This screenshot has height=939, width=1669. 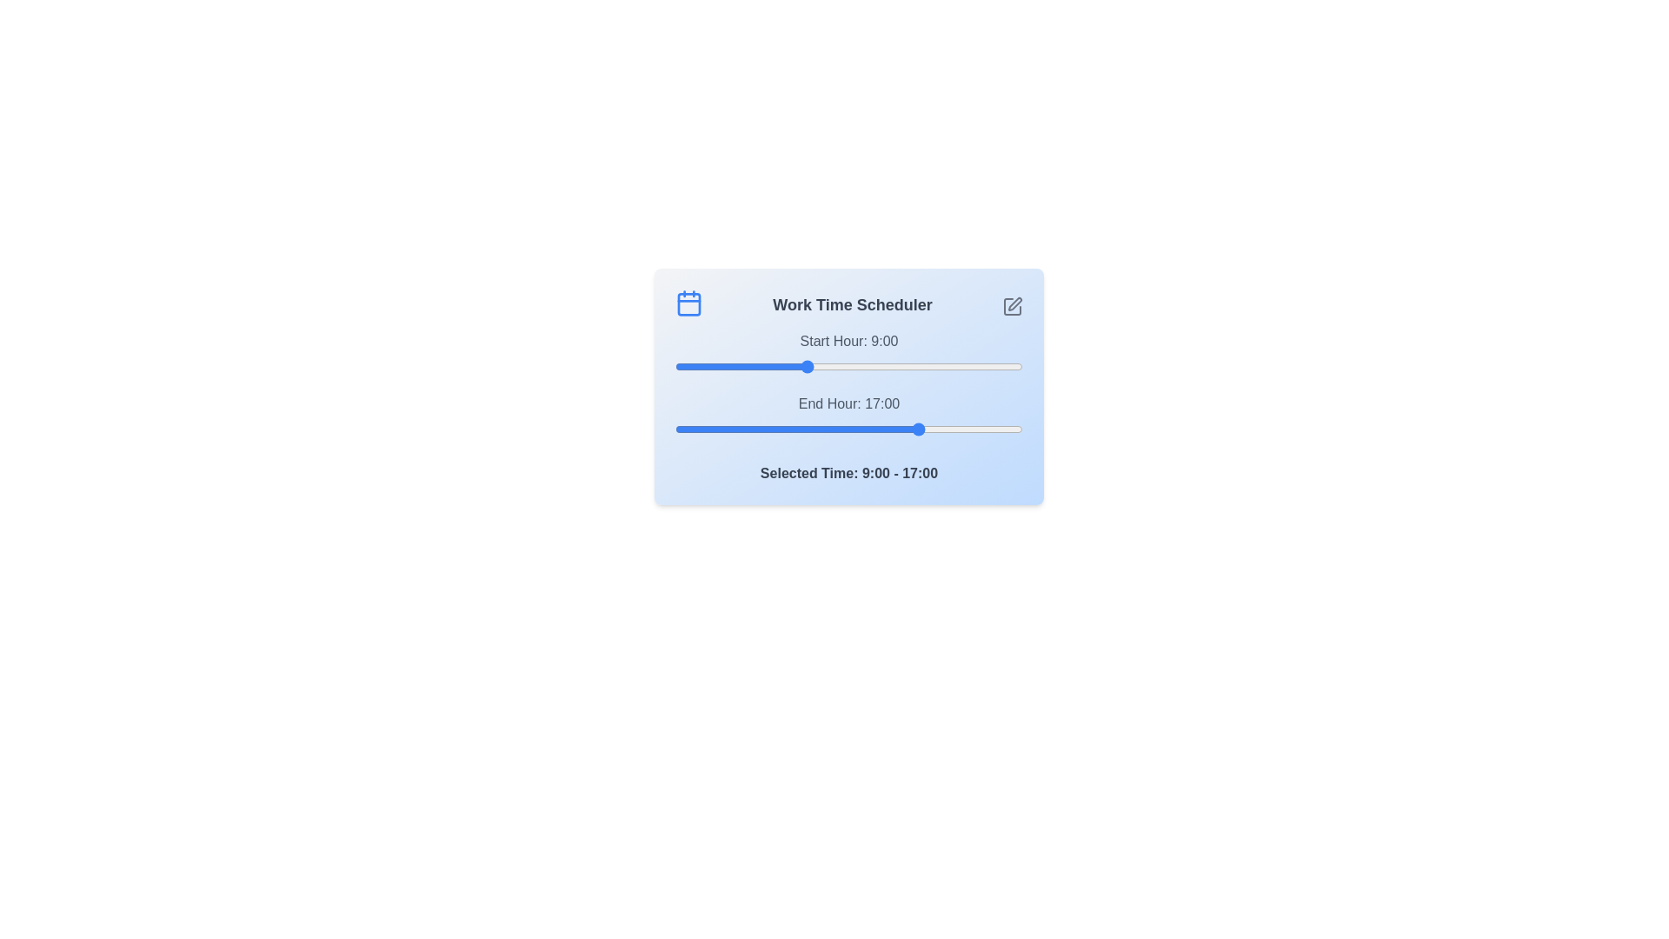 I want to click on the end time slider to 5 where 5 is in the range 0 to 24, so click(x=748, y=429).